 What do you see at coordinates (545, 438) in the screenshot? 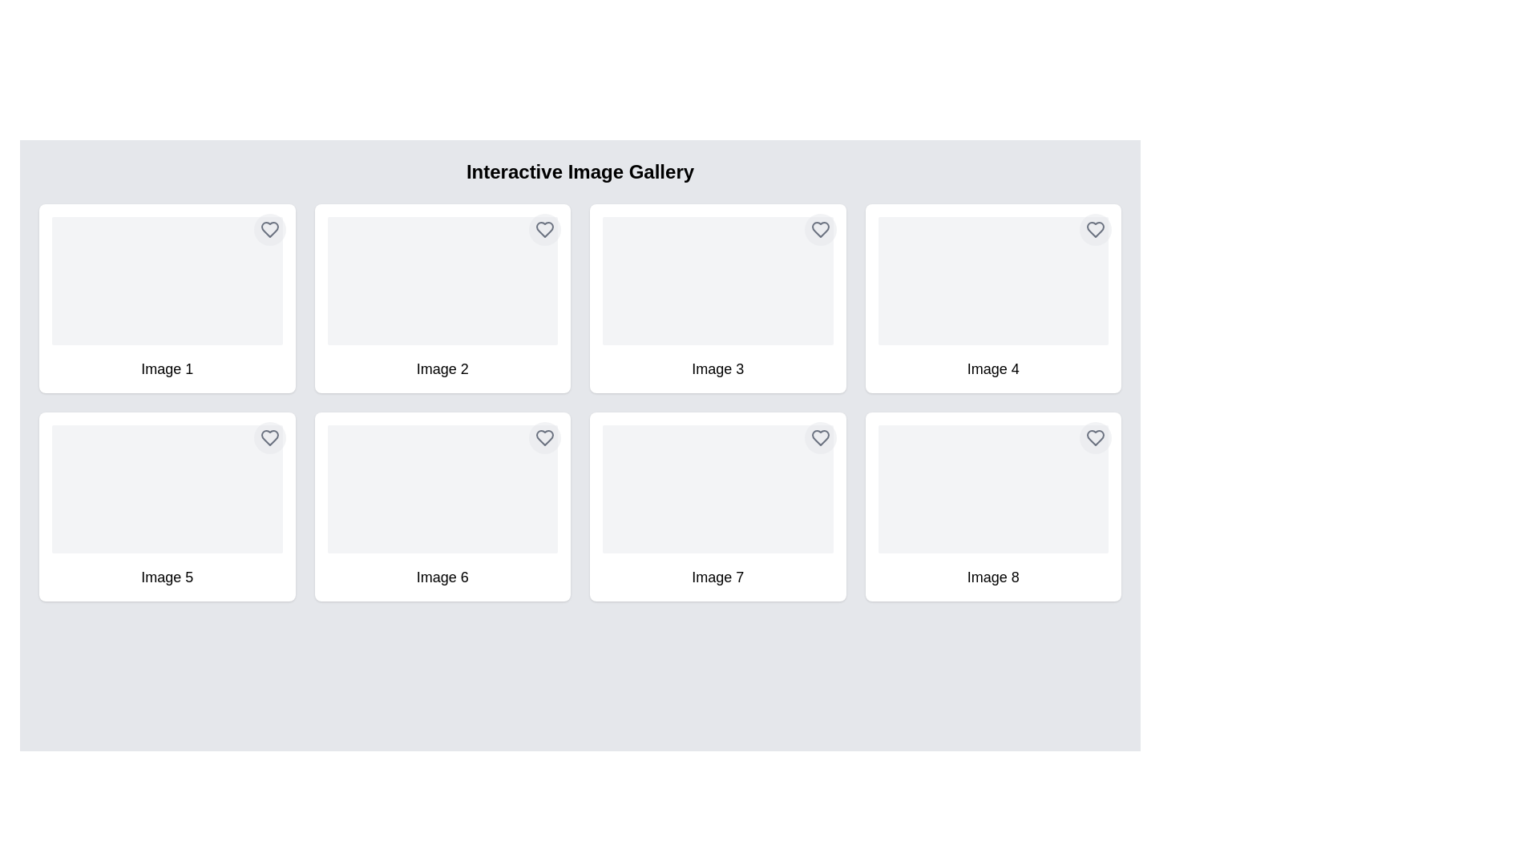
I see `the heart-shaped icon with a gray stroke` at bounding box center [545, 438].